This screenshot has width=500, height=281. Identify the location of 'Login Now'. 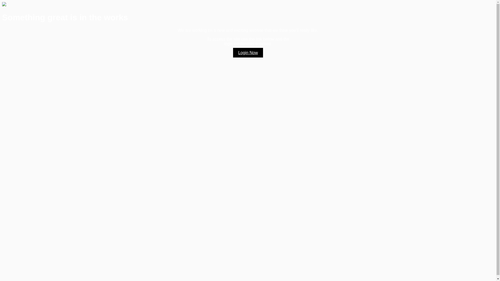
(248, 53).